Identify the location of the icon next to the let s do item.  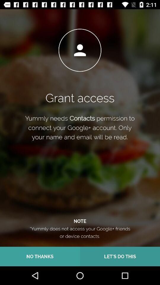
(40, 256).